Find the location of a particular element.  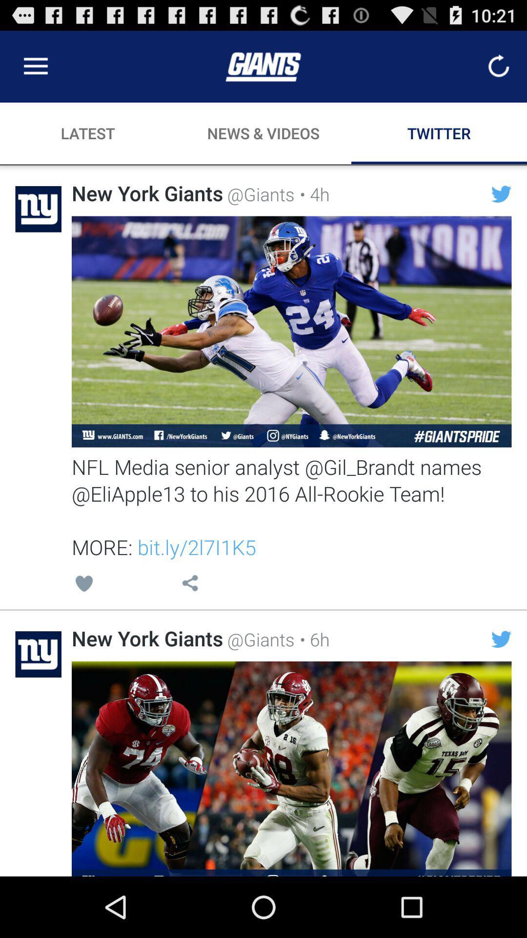

video is located at coordinates (291, 768).